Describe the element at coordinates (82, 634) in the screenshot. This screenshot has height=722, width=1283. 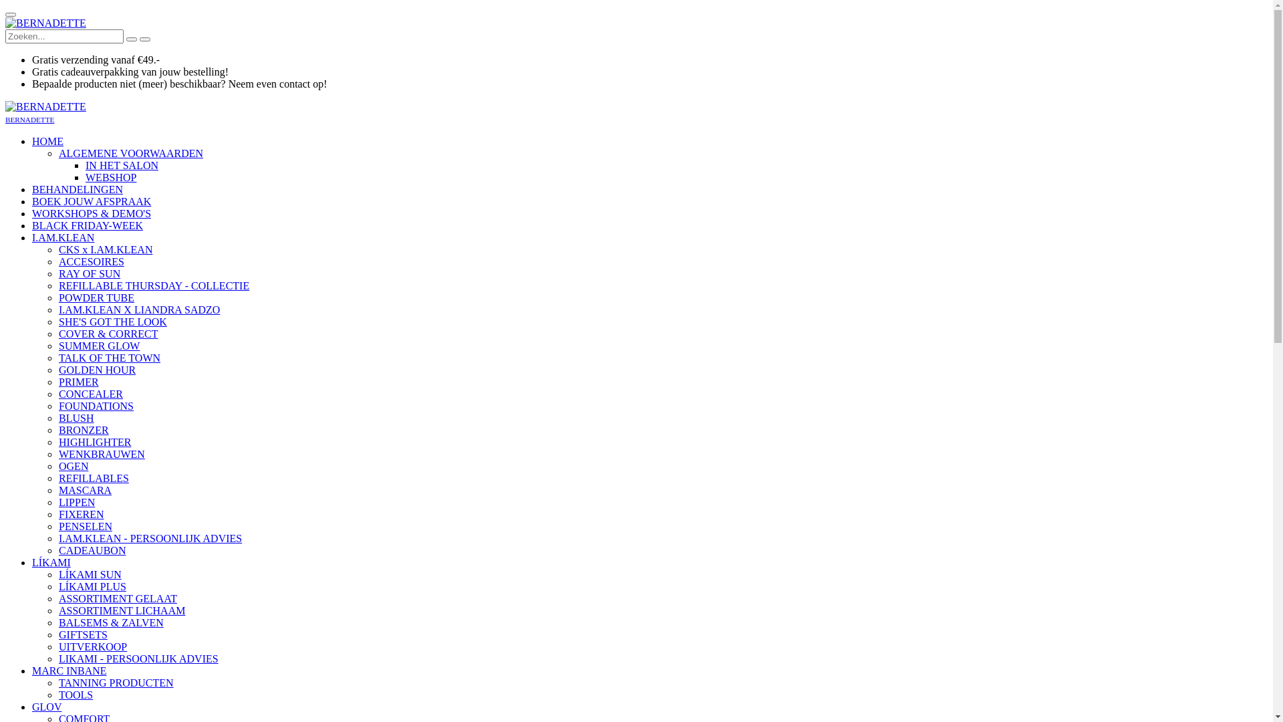
I see `'GIFTSETS'` at that location.